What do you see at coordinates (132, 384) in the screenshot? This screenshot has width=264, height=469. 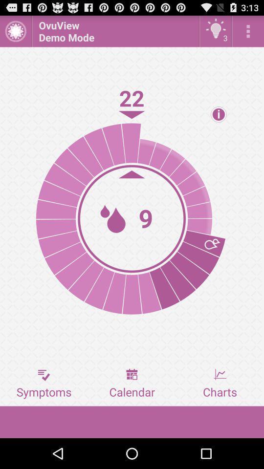 I see `the button to the right of symptoms icon` at bounding box center [132, 384].